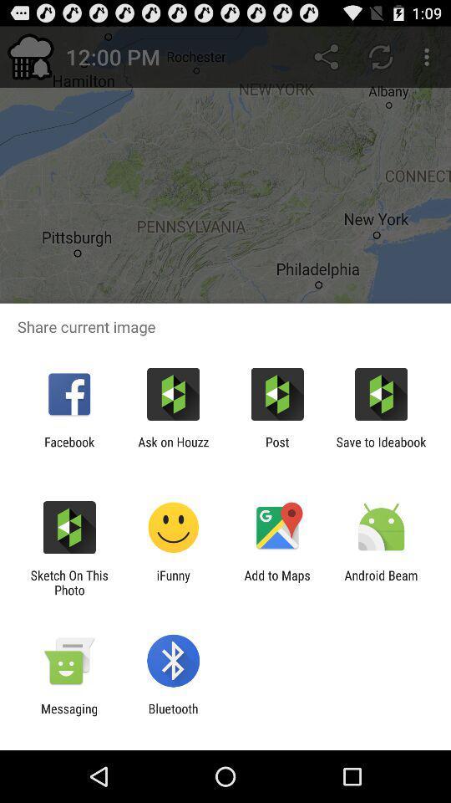  What do you see at coordinates (381, 448) in the screenshot?
I see `the icon next to the post` at bounding box center [381, 448].